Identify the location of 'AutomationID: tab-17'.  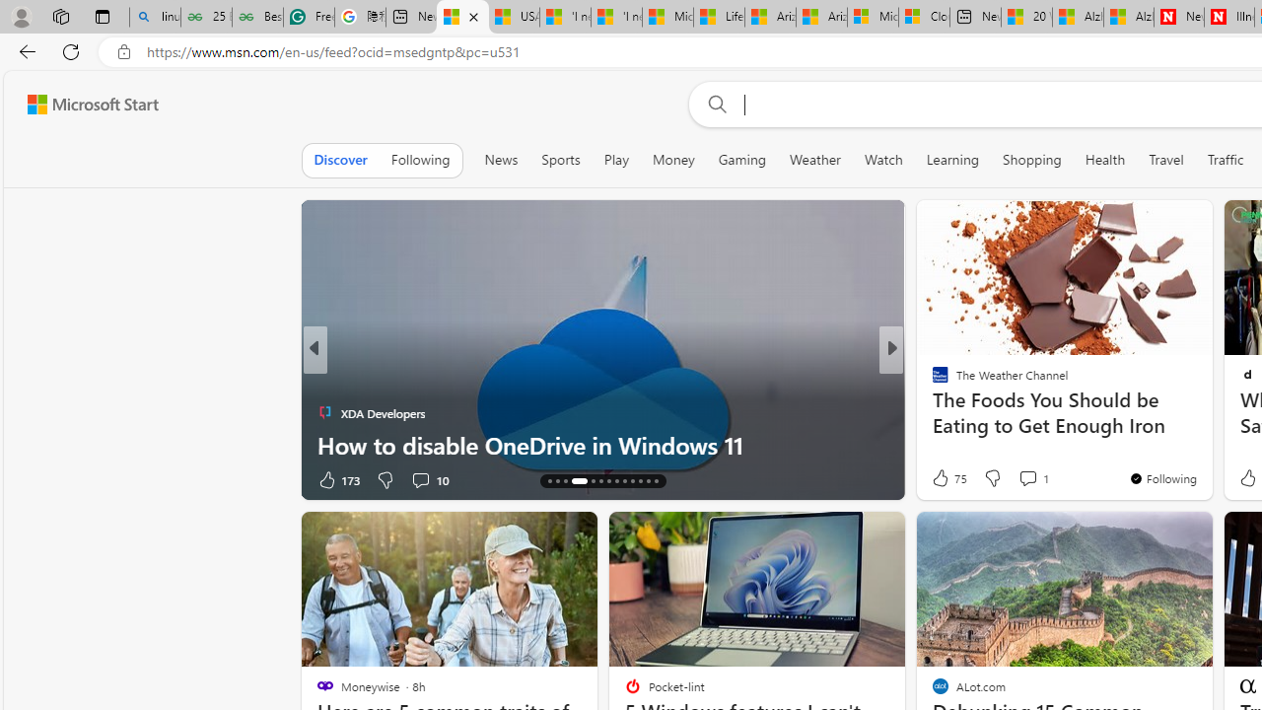
(578, 481).